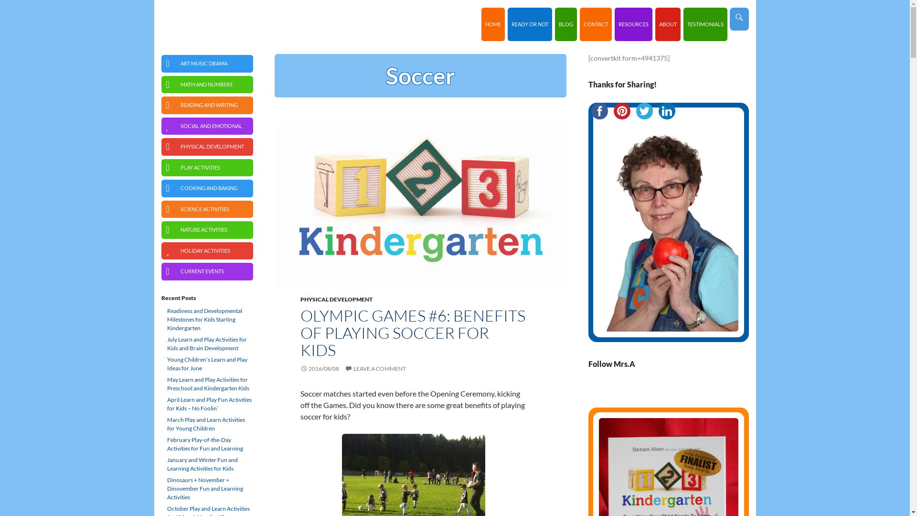 The width and height of the screenshot is (917, 516). I want to click on 'January and Winter Fun and Learning Activities for Kids', so click(206, 464).